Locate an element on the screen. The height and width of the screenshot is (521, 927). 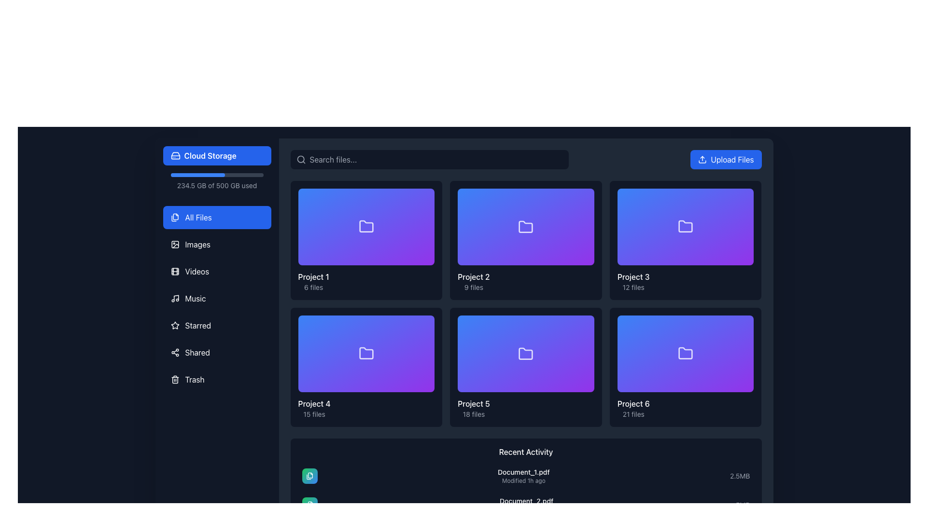
the Icon button representing the file 'Document_2.pdf', located to the left of its details is located at coordinates (309, 504).